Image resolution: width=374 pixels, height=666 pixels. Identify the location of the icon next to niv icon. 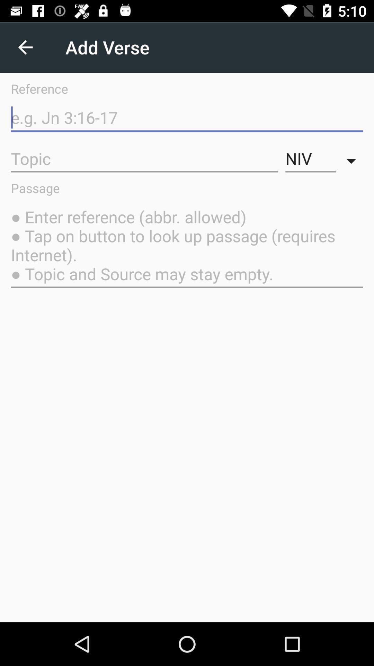
(144, 159).